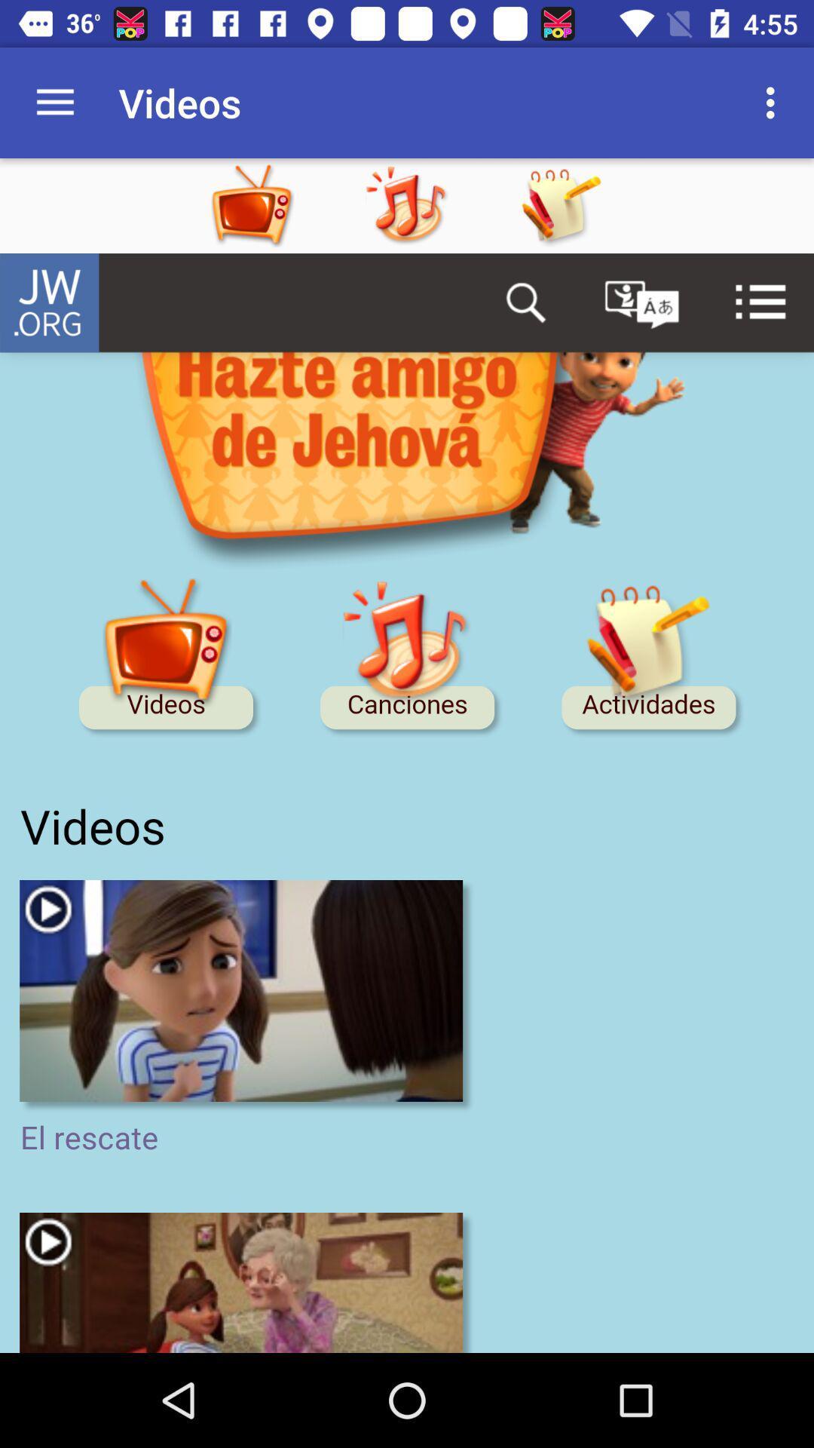  Describe the element at coordinates (561, 205) in the screenshot. I see `drawi` at that location.